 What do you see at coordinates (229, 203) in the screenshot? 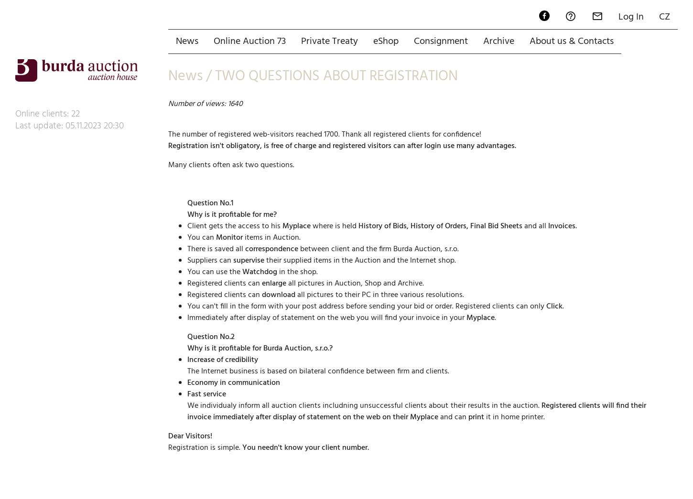
I see `'Monitor'` at bounding box center [229, 203].